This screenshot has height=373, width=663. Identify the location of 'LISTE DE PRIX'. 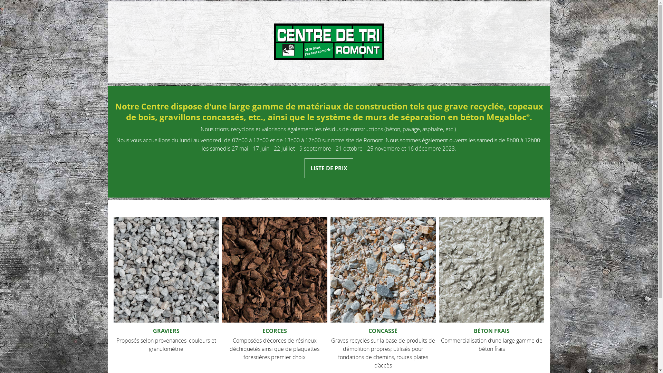
(328, 168).